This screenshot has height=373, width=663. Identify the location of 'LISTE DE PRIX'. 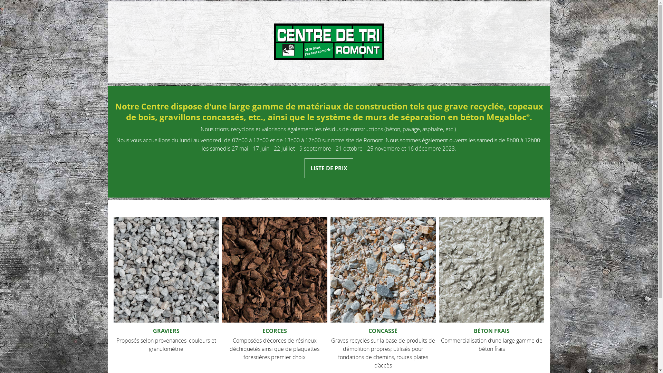
(328, 168).